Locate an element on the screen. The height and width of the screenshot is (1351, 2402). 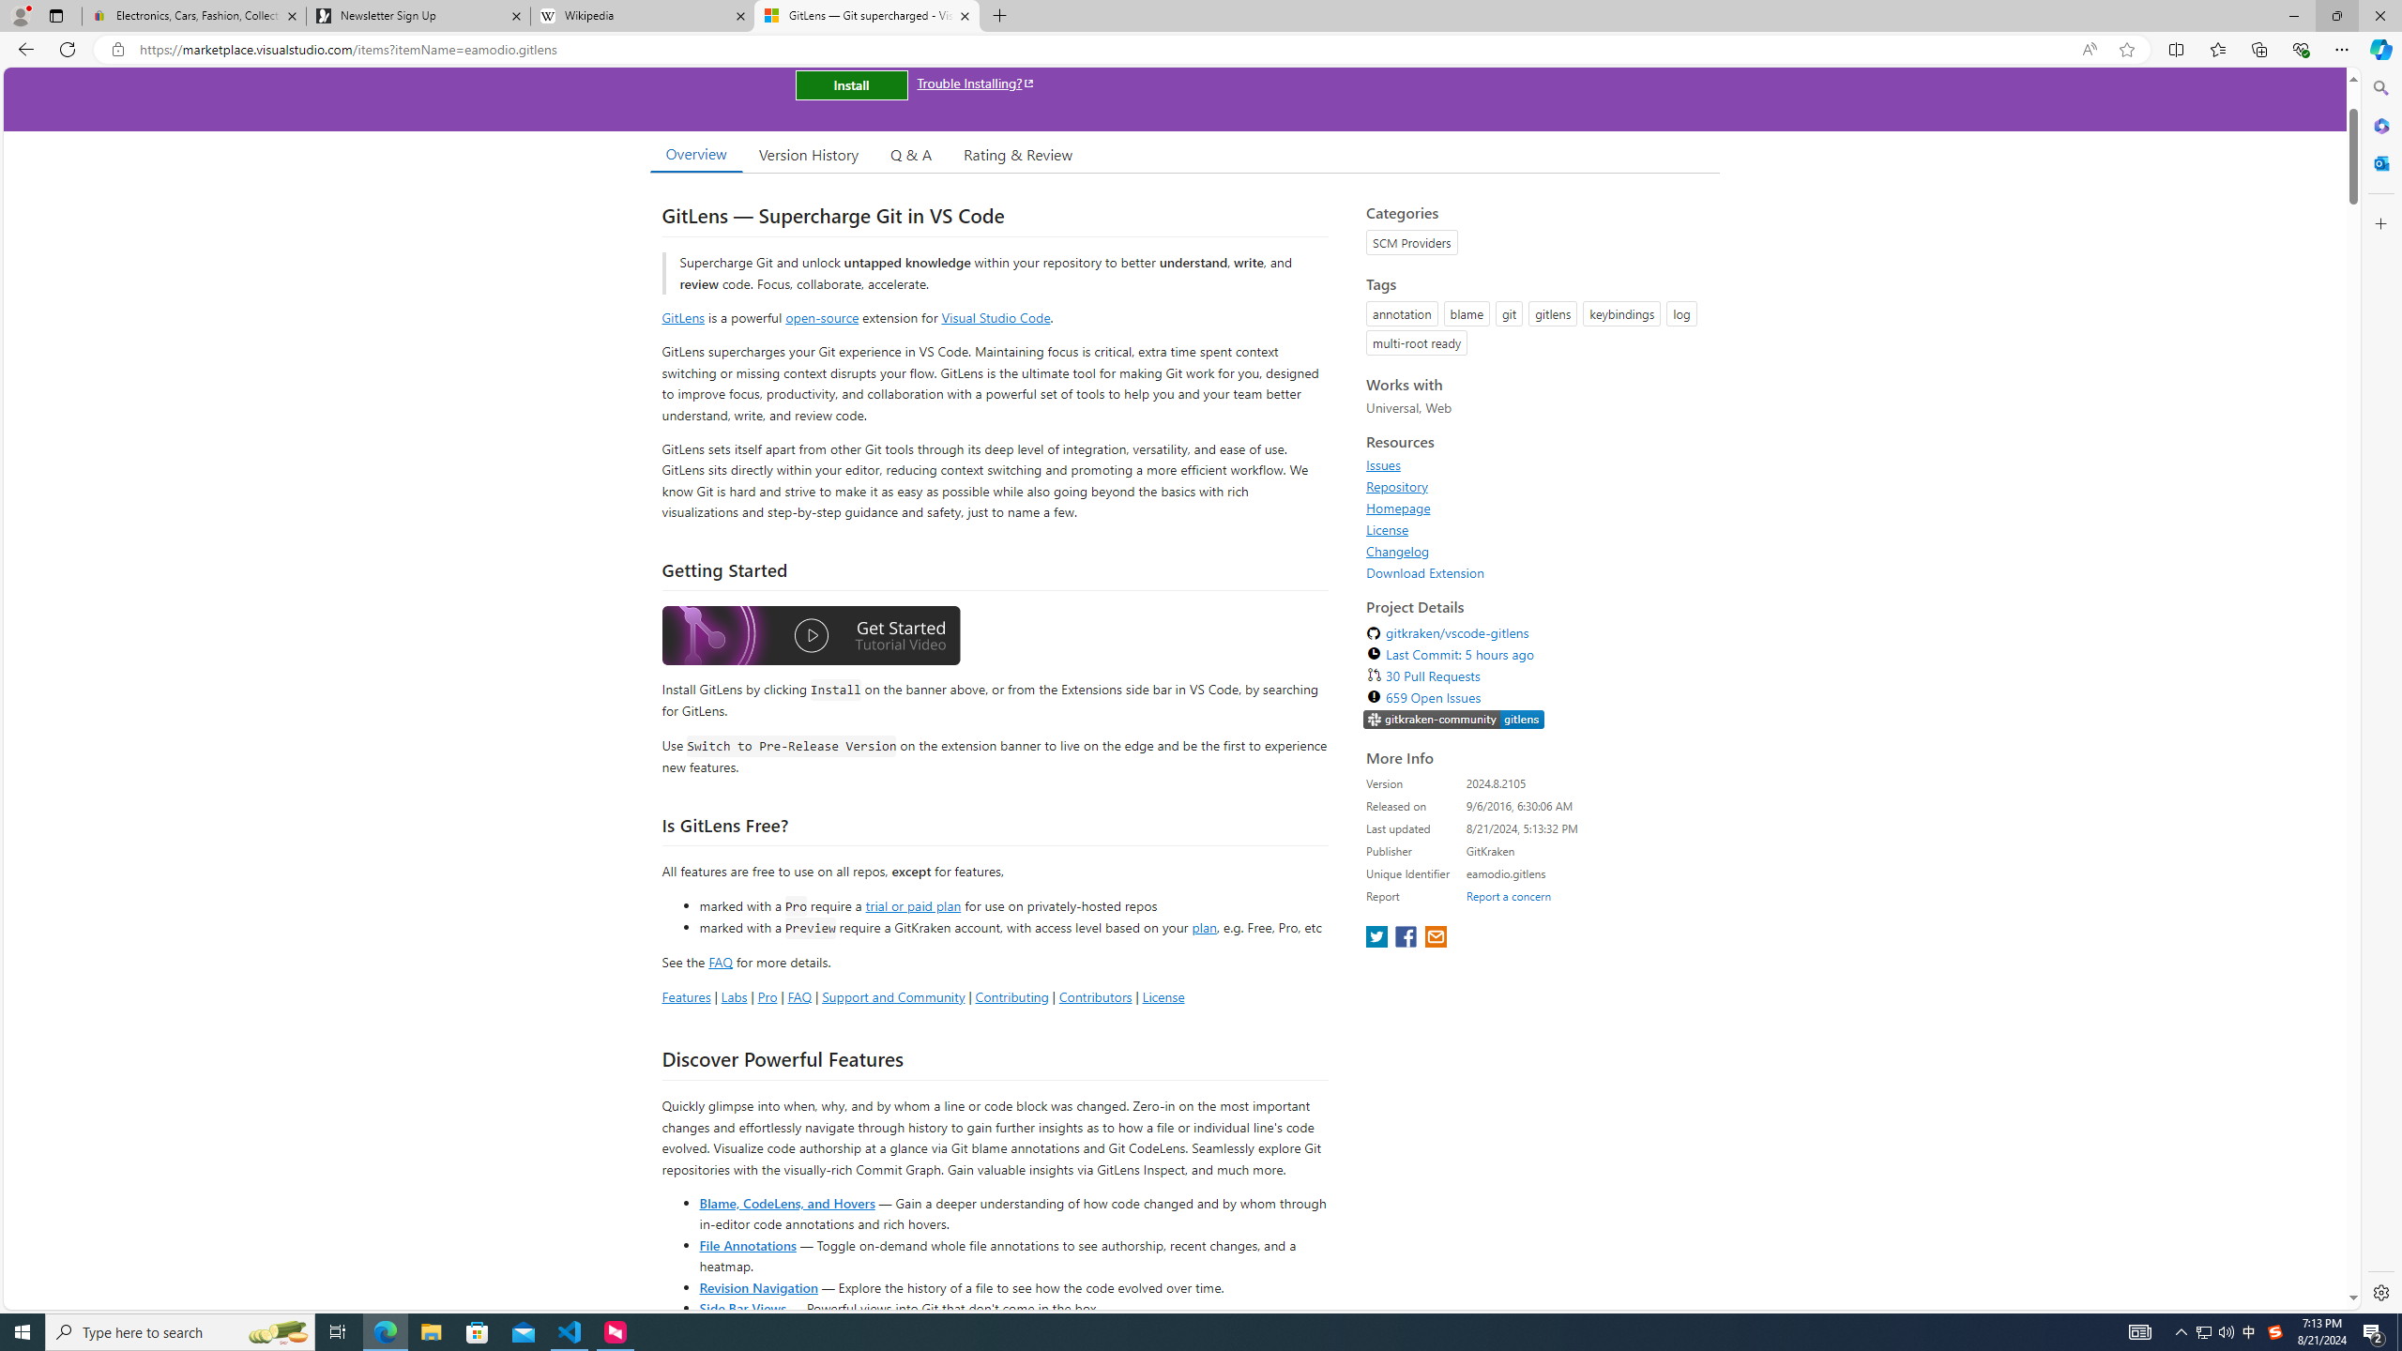
'Issues' is located at coordinates (1537, 464).